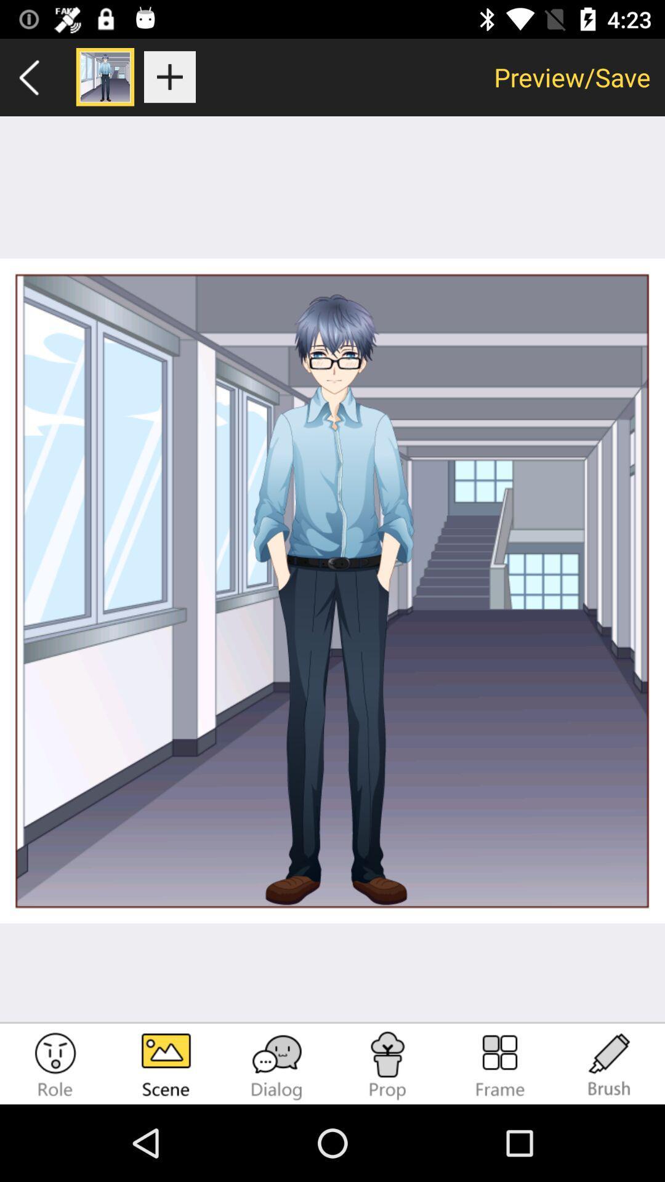 The width and height of the screenshot is (665, 1182). I want to click on app at the top right corner, so click(572, 76).